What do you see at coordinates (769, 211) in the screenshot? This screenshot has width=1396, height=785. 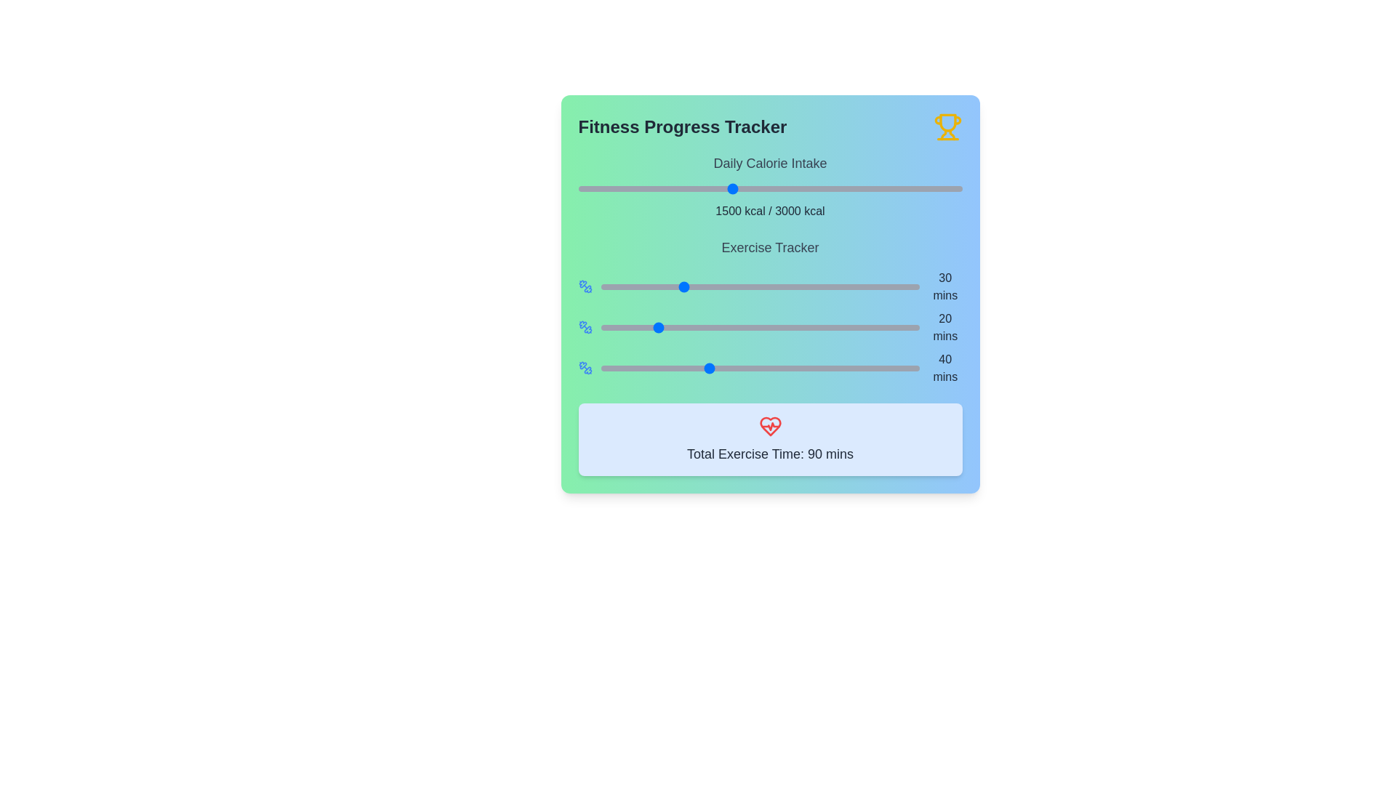 I see `the static text display showing '1500 kcal / 3000 kcal' under the 'Daily Calorie Intake' heading` at bounding box center [769, 211].